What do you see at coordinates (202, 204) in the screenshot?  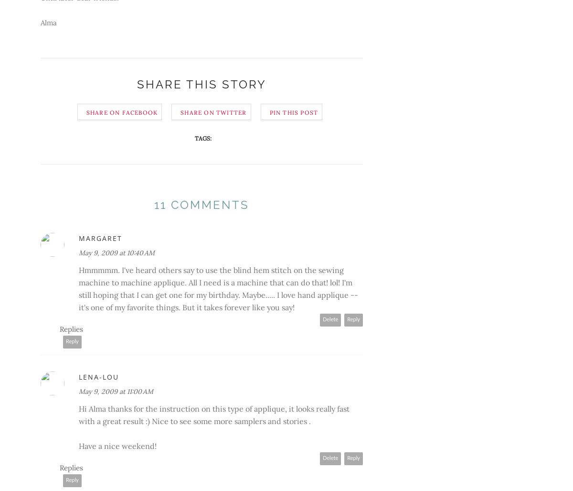 I see `'11
comments'` at bounding box center [202, 204].